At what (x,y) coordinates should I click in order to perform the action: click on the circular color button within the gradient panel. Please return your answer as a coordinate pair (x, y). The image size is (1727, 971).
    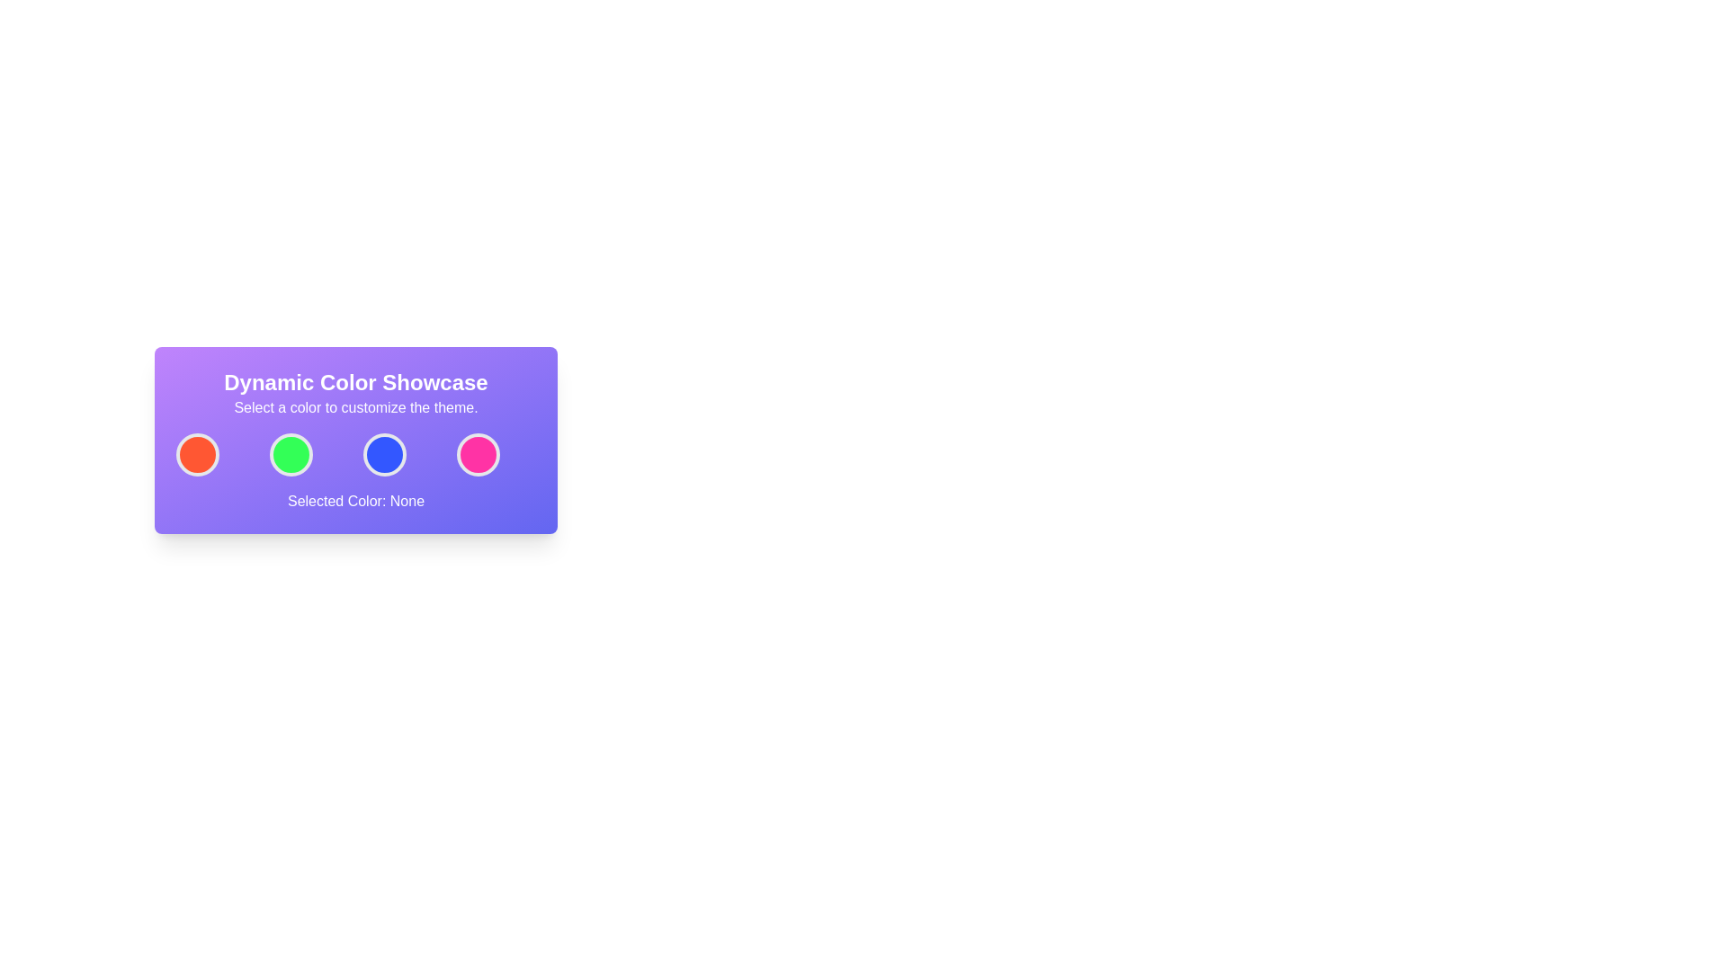
    Looking at the image, I should click on (355, 440).